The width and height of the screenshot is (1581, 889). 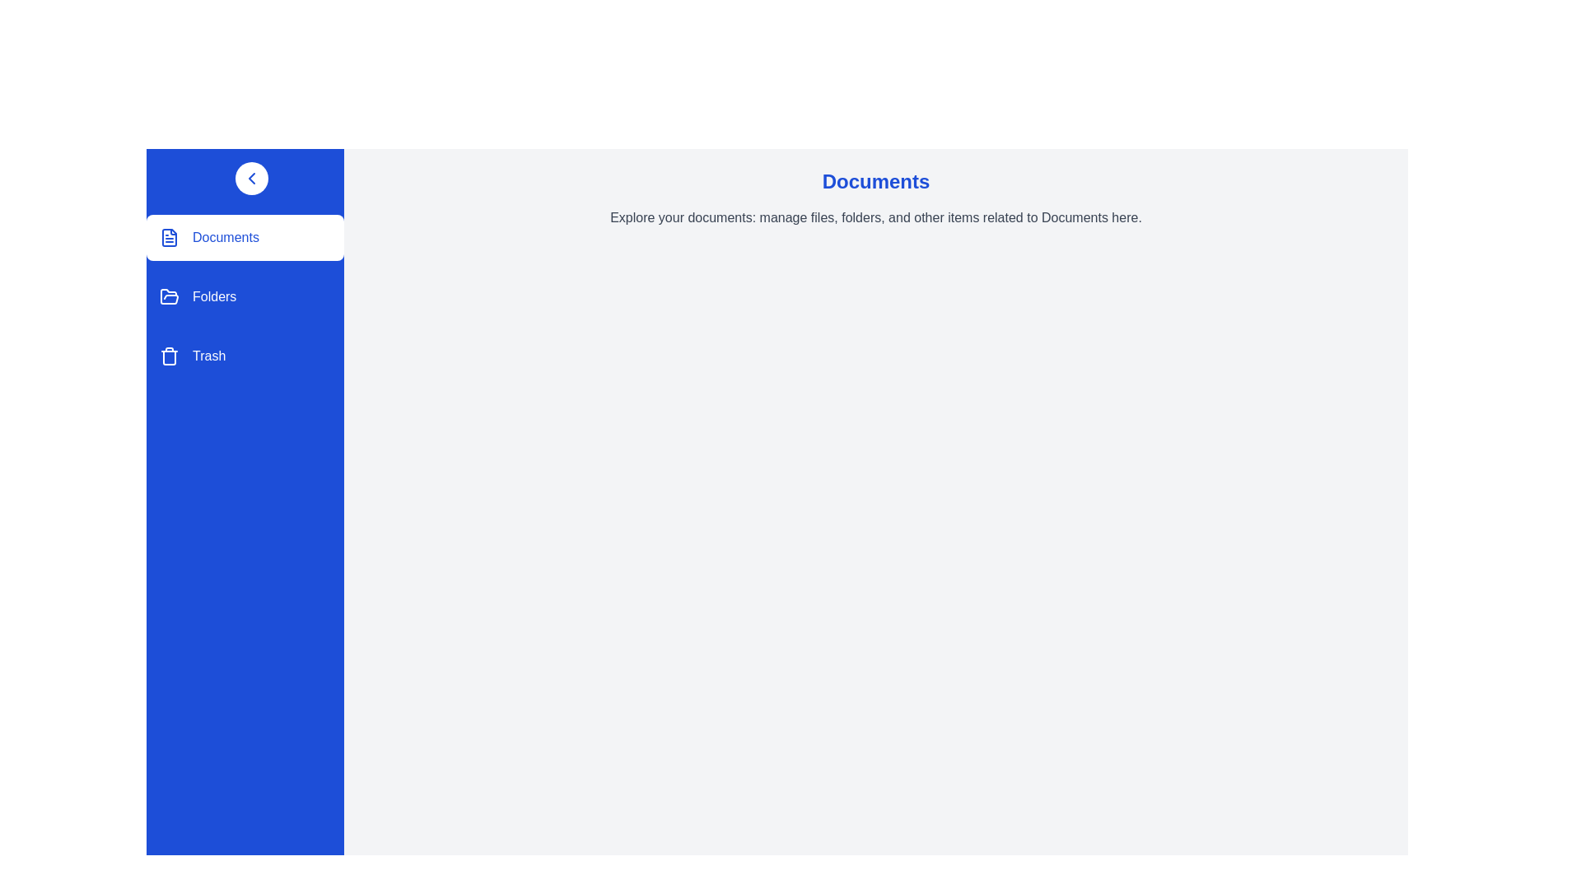 I want to click on toggle button to change the drawer's open/close state, so click(x=251, y=178).